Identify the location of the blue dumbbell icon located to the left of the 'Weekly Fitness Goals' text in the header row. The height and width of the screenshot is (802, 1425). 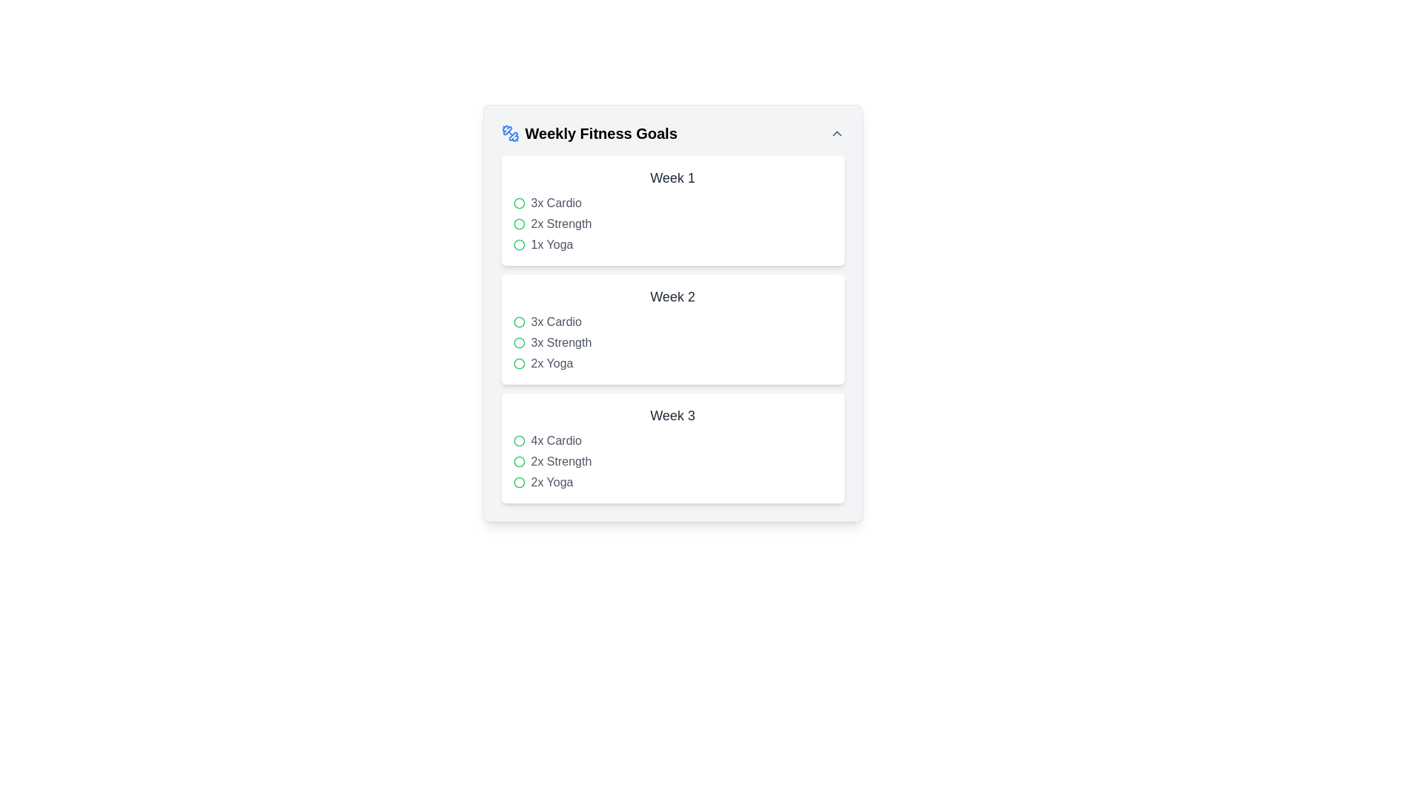
(510, 134).